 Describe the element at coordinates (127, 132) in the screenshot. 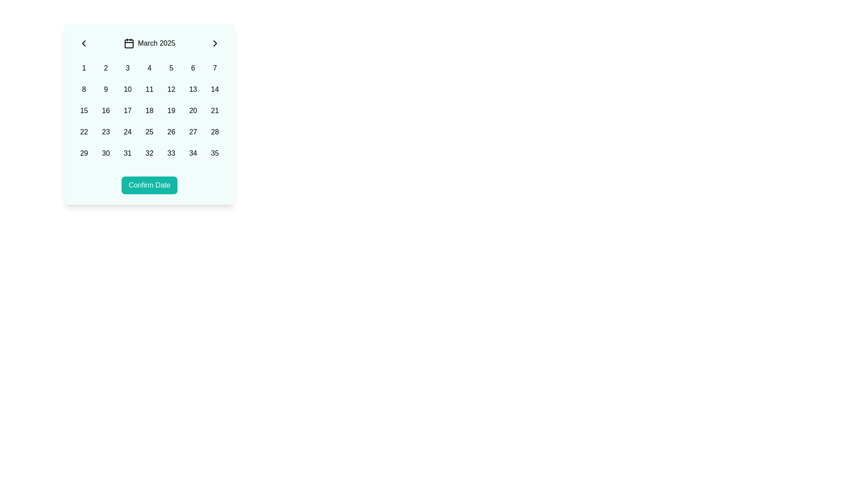

I see `the 24th button in the calendar view` at that location.